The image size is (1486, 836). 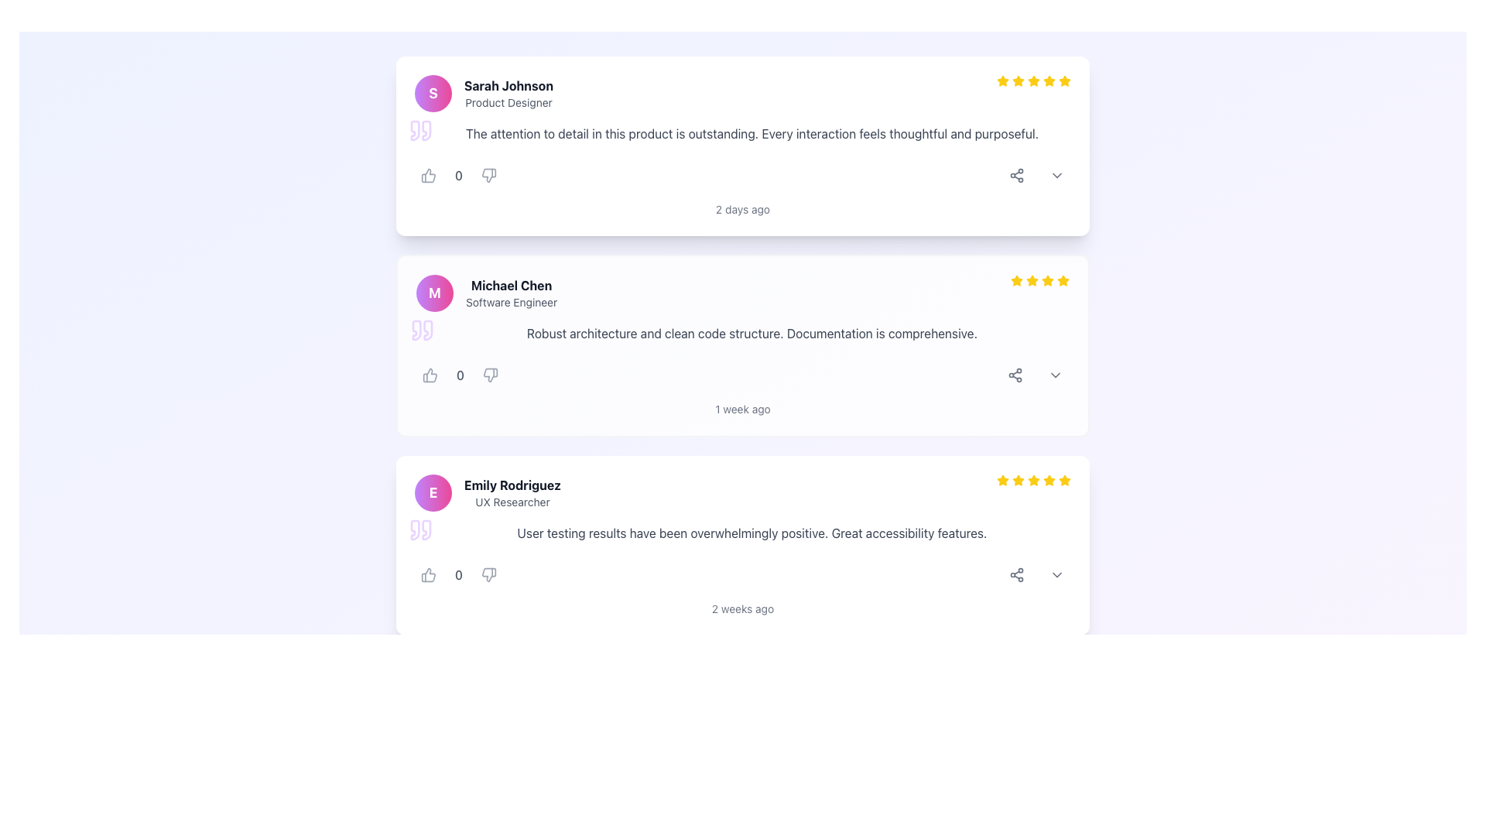 I want to click on the fifth star icon in the top-right area of the user review card to interact or modify the rating, so click(x=1063, y=479).